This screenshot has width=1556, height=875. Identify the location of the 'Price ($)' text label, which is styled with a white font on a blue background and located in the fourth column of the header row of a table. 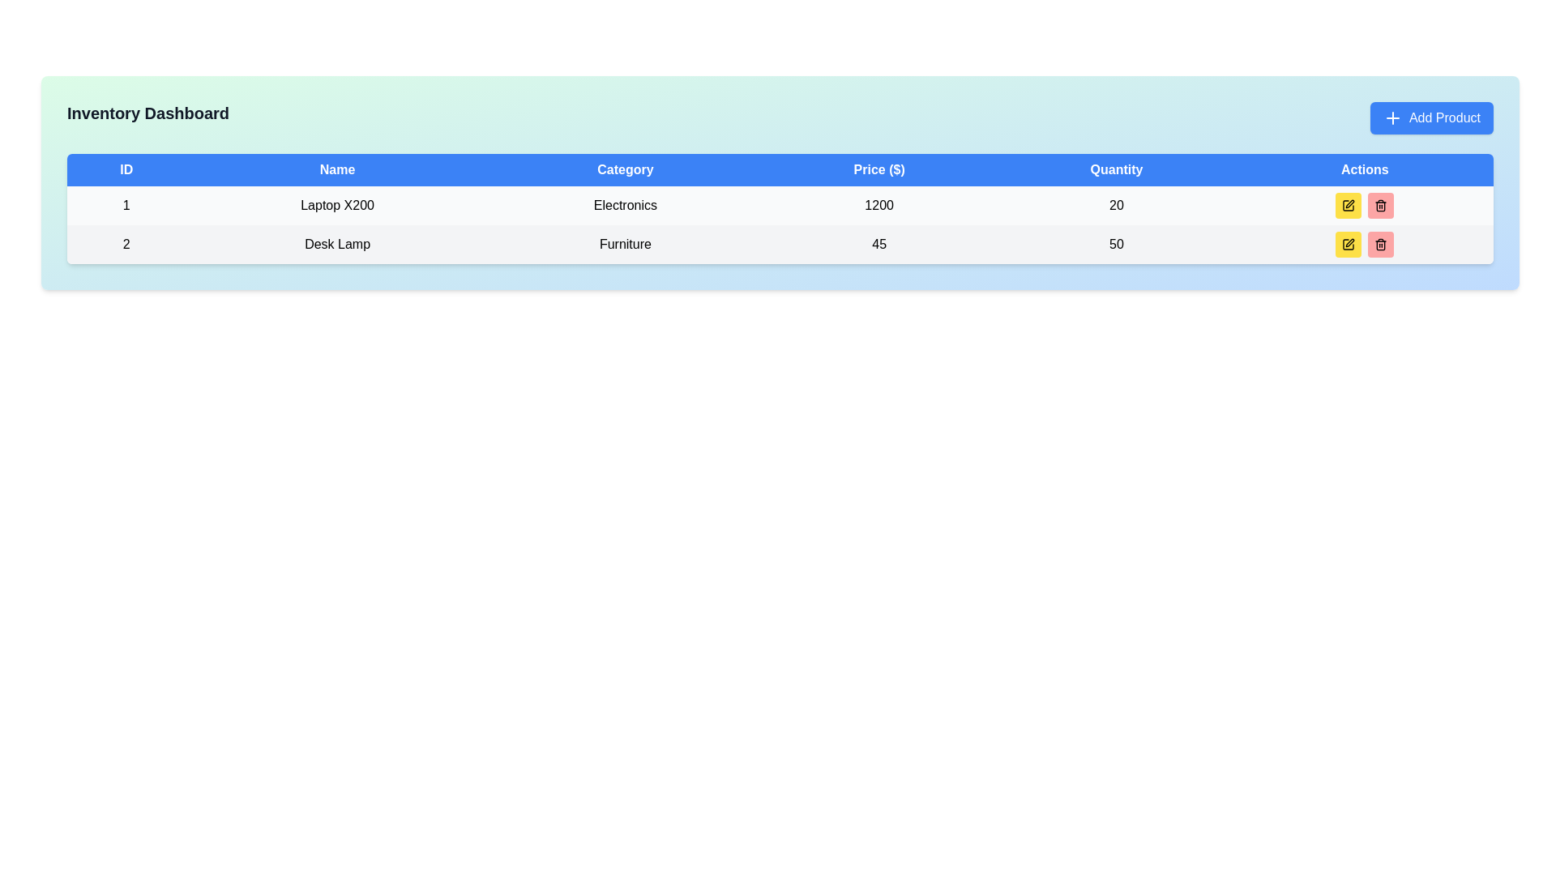
(878, 169).